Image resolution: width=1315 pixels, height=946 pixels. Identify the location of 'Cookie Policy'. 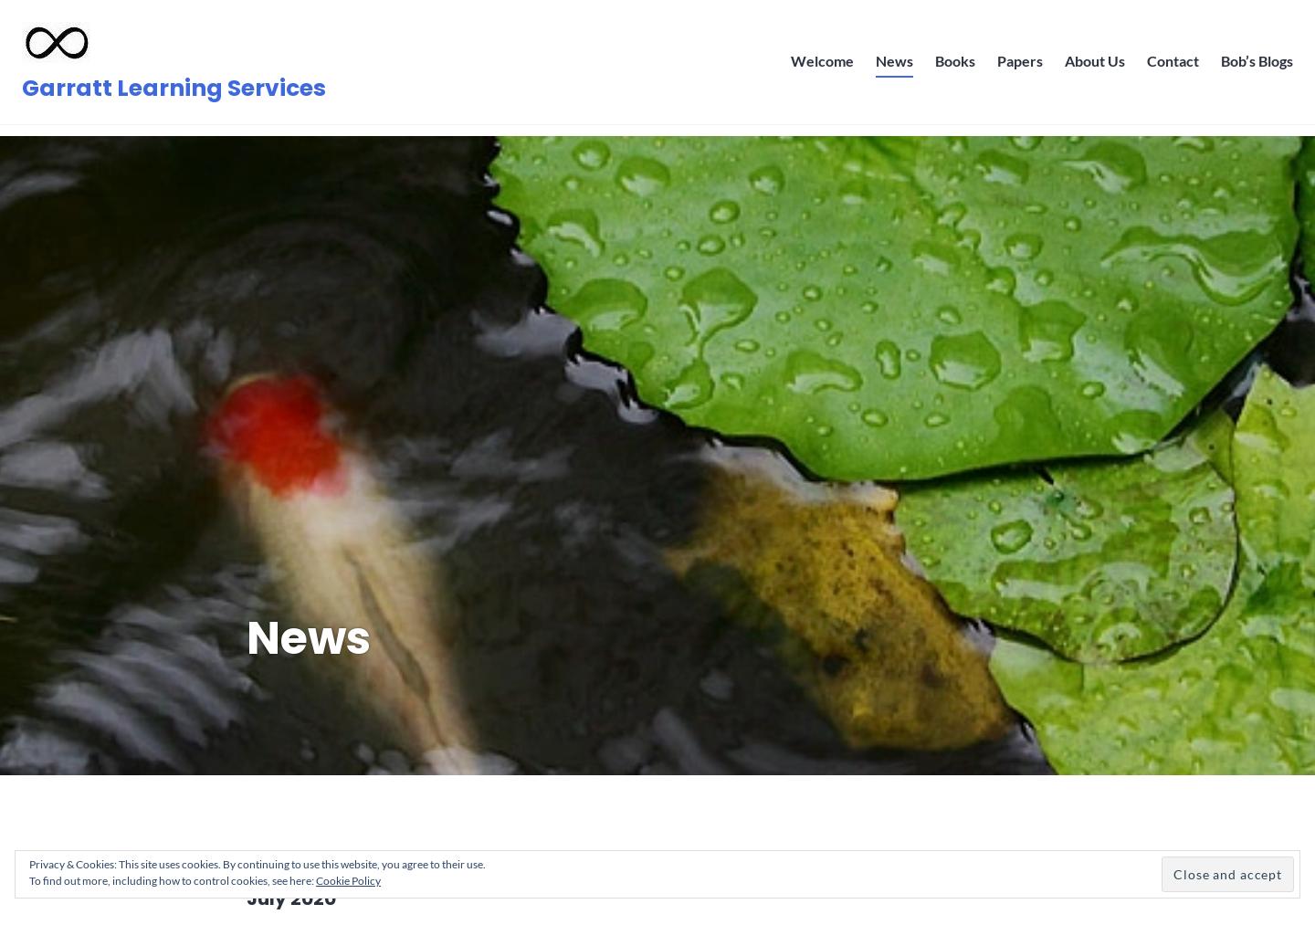
(347, 880).